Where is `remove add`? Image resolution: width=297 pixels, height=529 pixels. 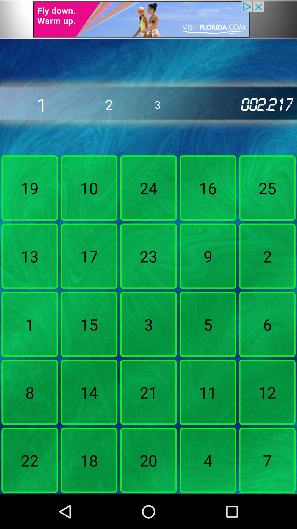 remove add is located at coordinates (148, 19).